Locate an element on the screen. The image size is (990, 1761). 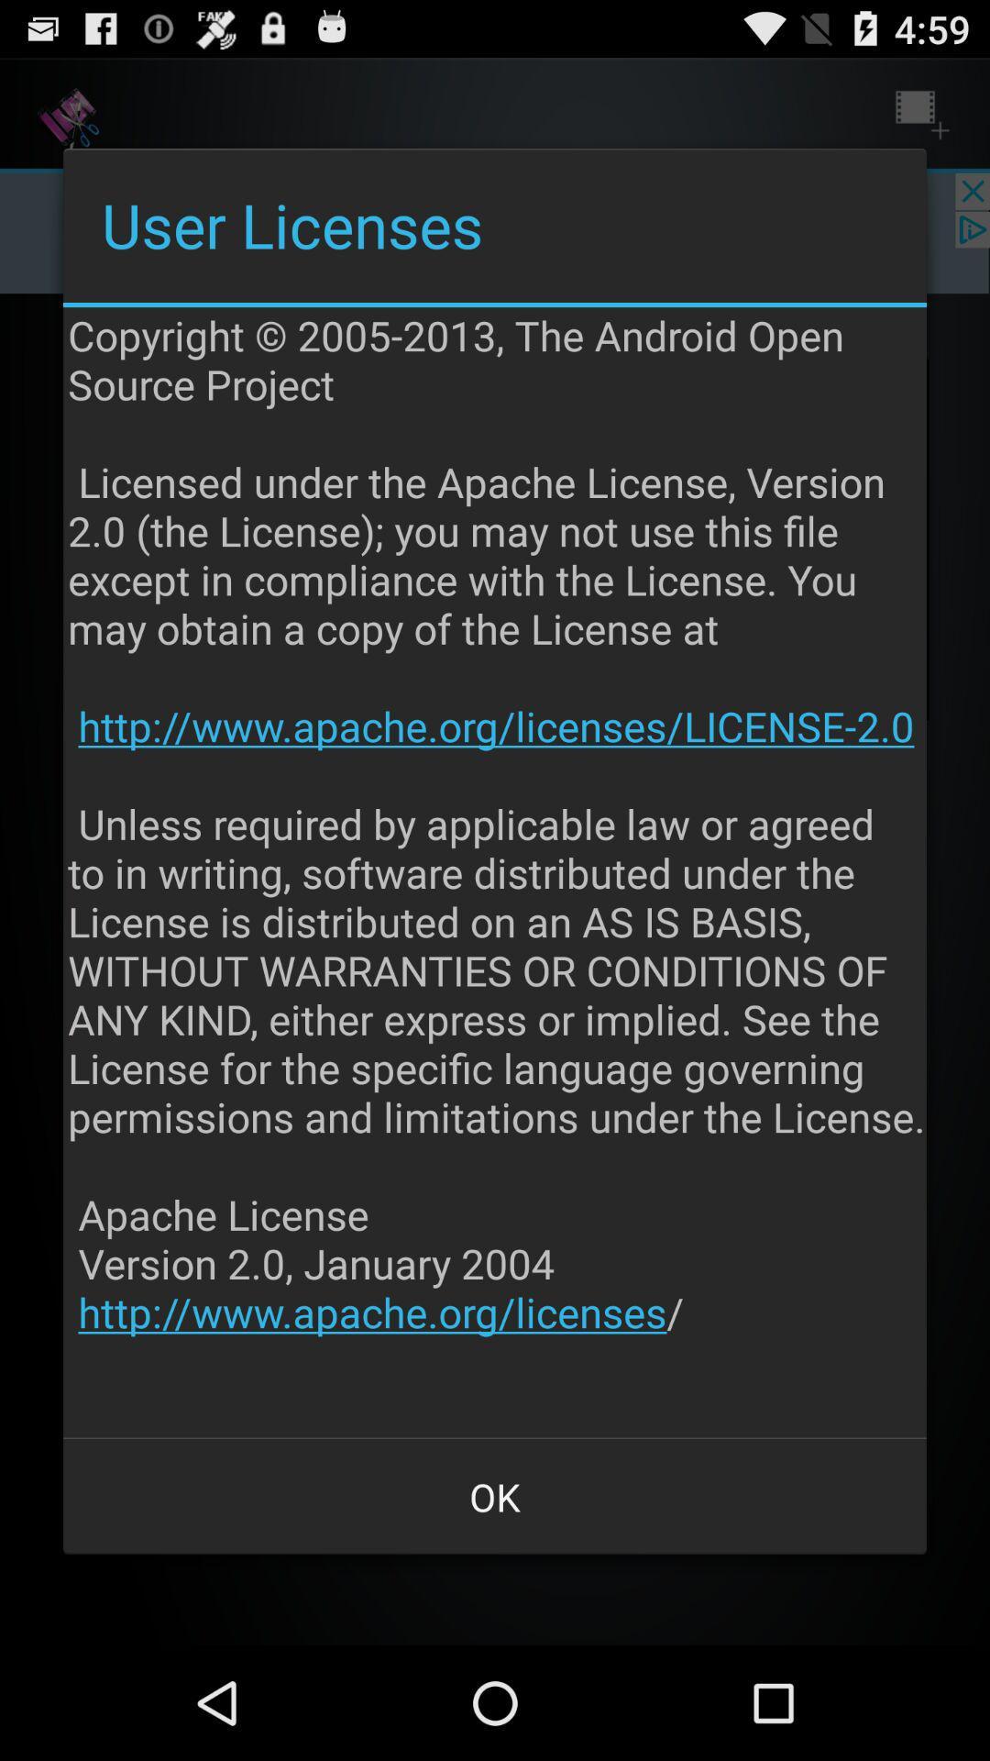
icon above ok icon is located at coordinates (497, 871).